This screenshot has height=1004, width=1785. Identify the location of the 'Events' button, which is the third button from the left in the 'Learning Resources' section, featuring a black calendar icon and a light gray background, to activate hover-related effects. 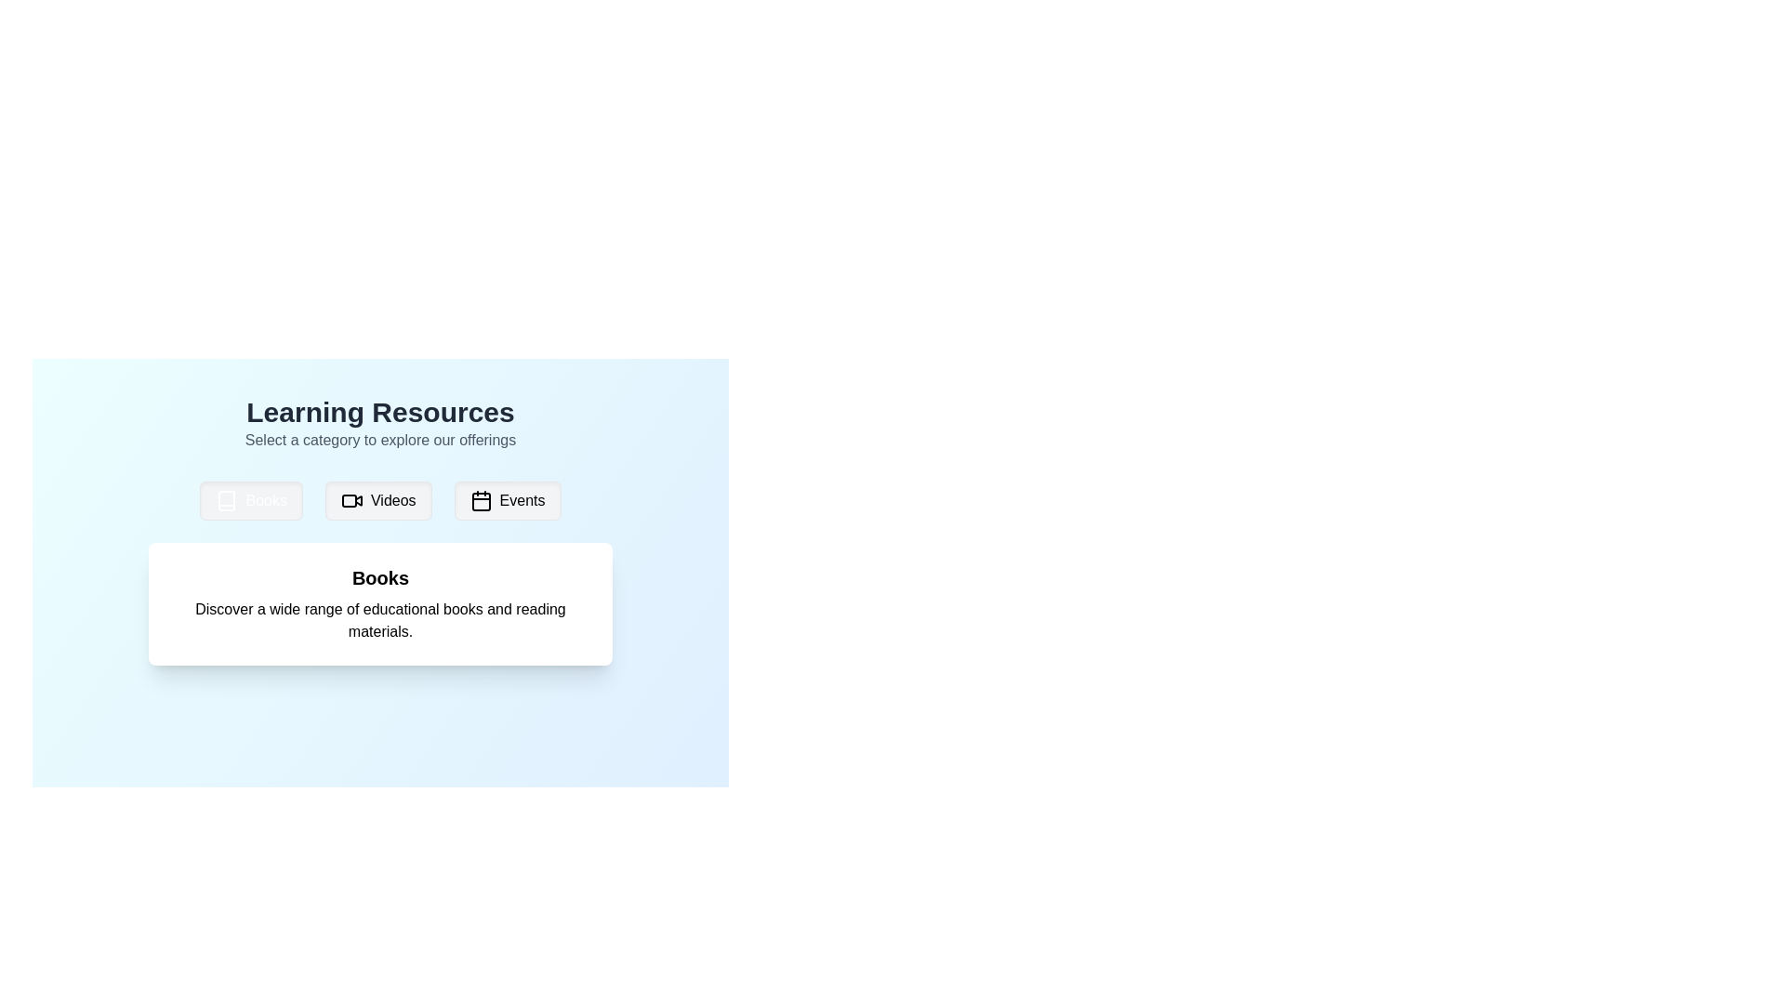
(508, 500).